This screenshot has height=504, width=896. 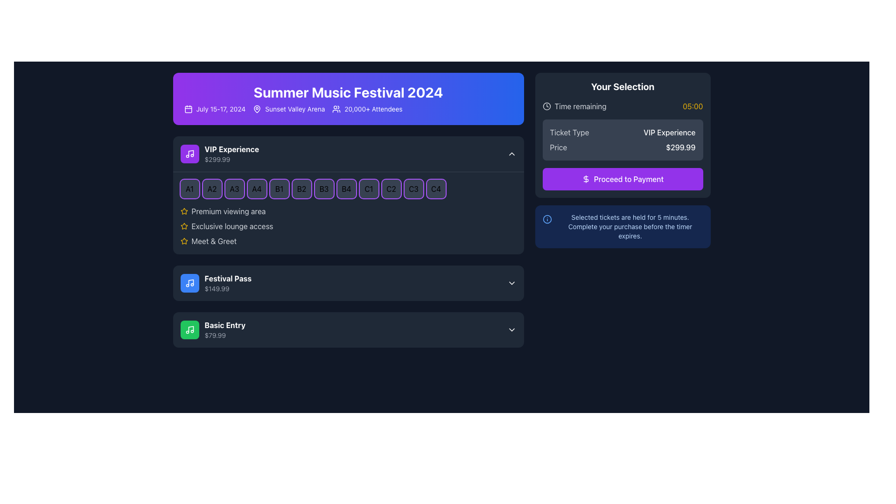 I want to click on the 'VIP Experience' text label, which is displayed in white font on a dark background and is located in the 'Your Selection' section adjacent to the 'Ticket Type' label, so click(x=669, y=133).